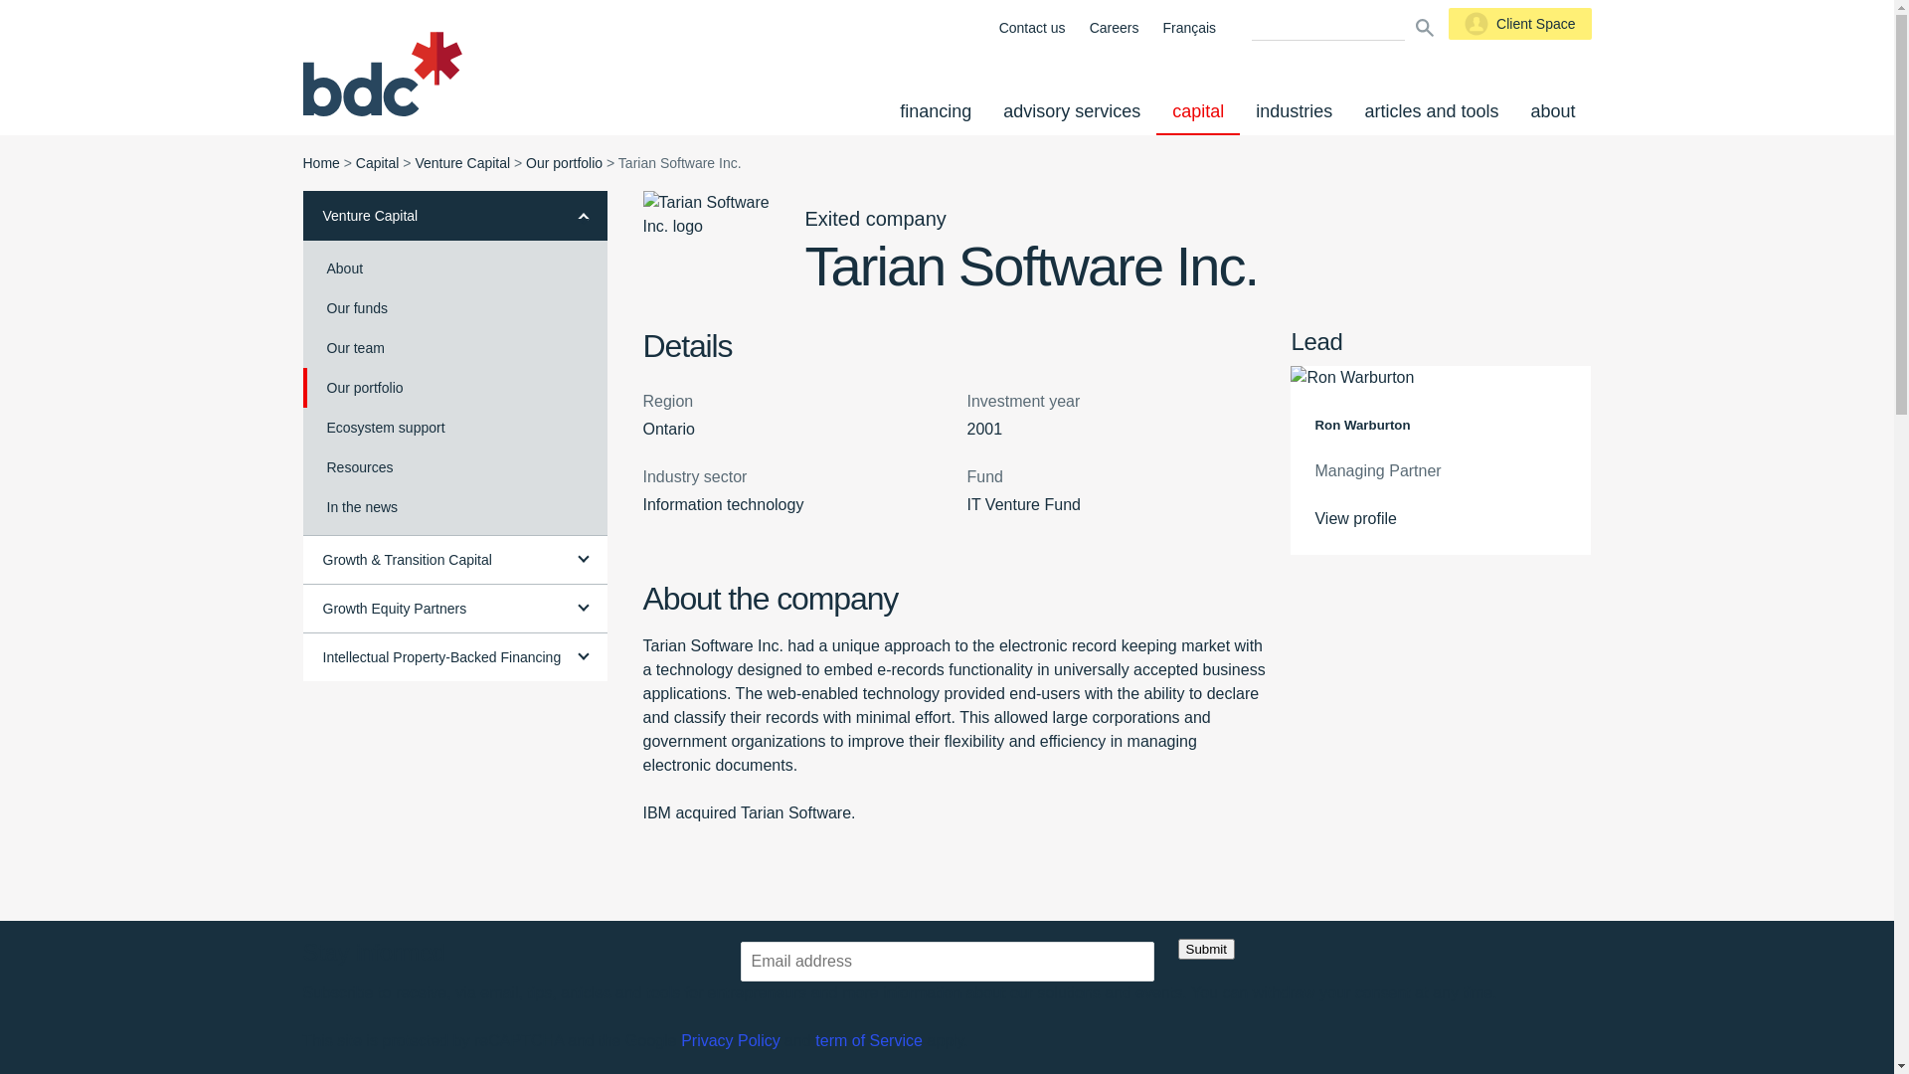 This screenshot has width=1909, height=1074. I want to click on 'Submit', so click(1204, 948).